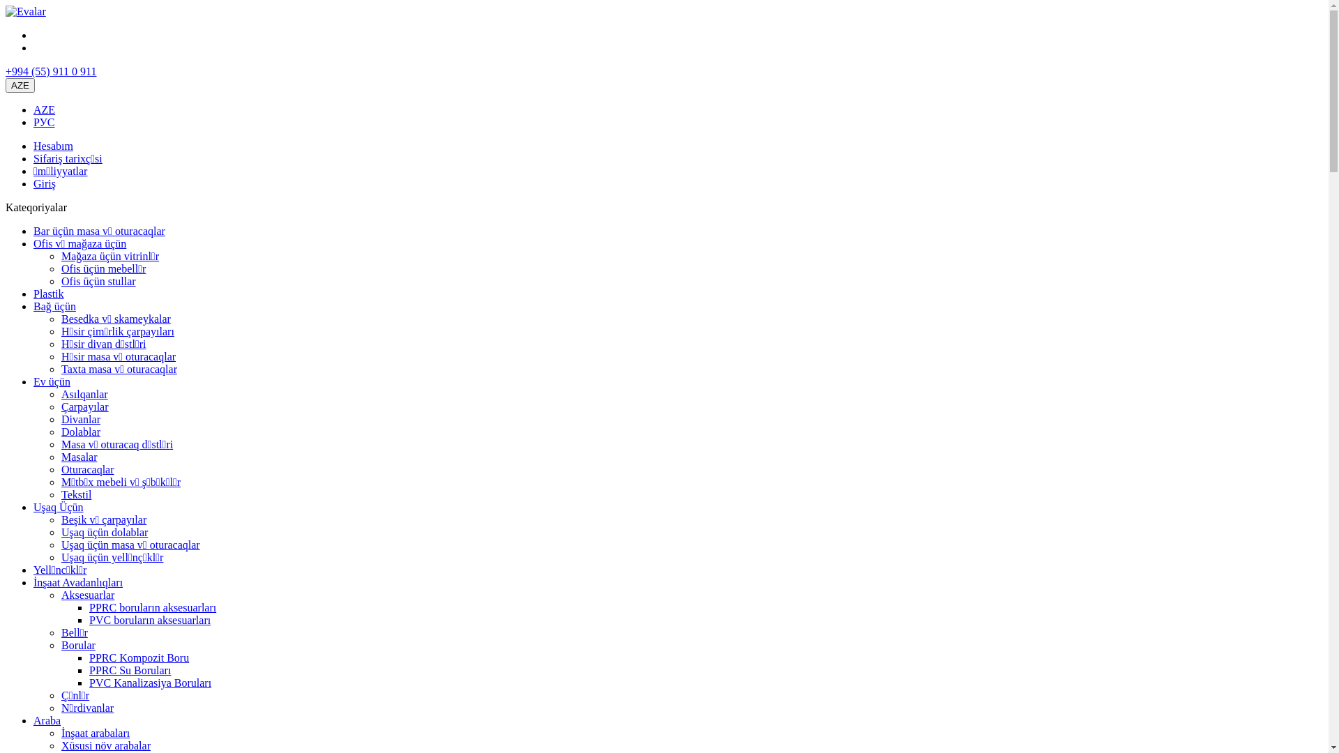 This screenshot has height=753, width=1339. I want to click on 'PPRC Kompozit Boru', so click(139, 657).